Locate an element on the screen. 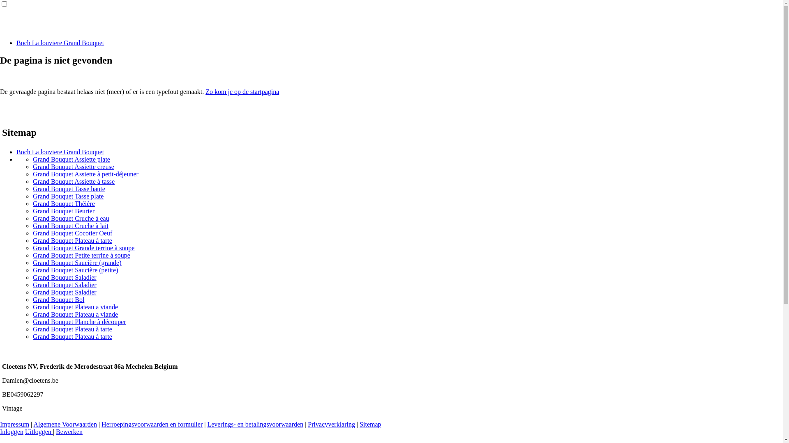 This screenshot has height=443, width=789. 'Grand Bouquet Assiette creuse' is located at coordinates (33, 166).